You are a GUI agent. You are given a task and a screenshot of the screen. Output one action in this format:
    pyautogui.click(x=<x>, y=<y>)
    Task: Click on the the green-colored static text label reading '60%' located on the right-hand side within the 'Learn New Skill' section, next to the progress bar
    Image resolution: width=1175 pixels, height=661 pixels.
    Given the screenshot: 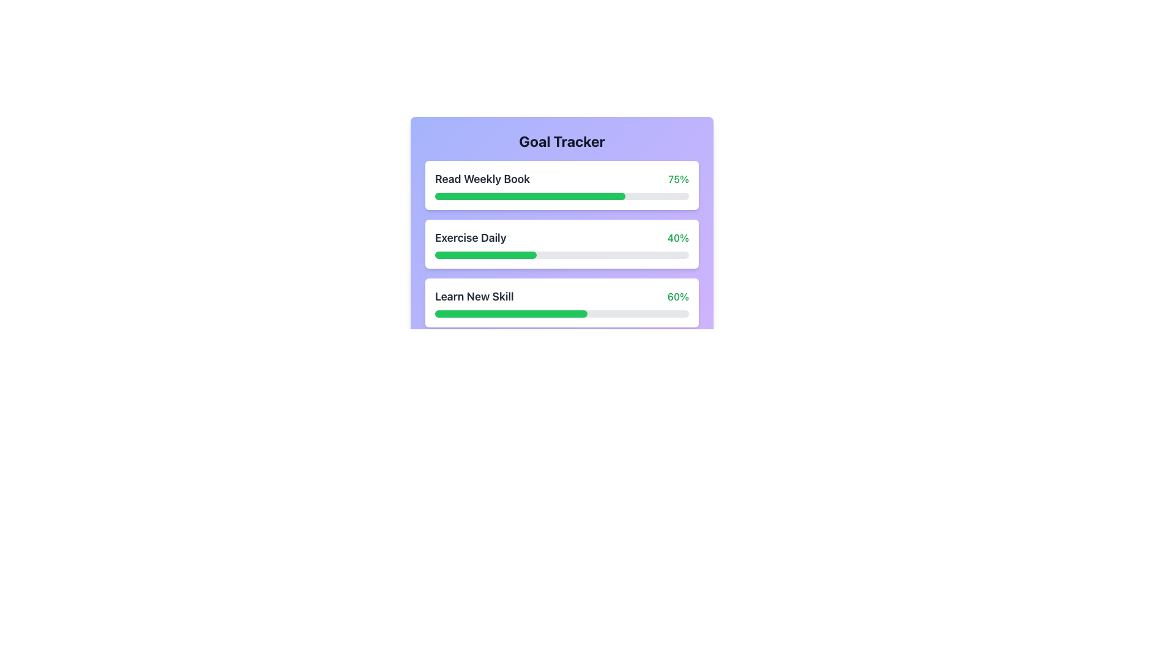 What is the action you would take?
    pyautogui.click(x=677, y=297)
    